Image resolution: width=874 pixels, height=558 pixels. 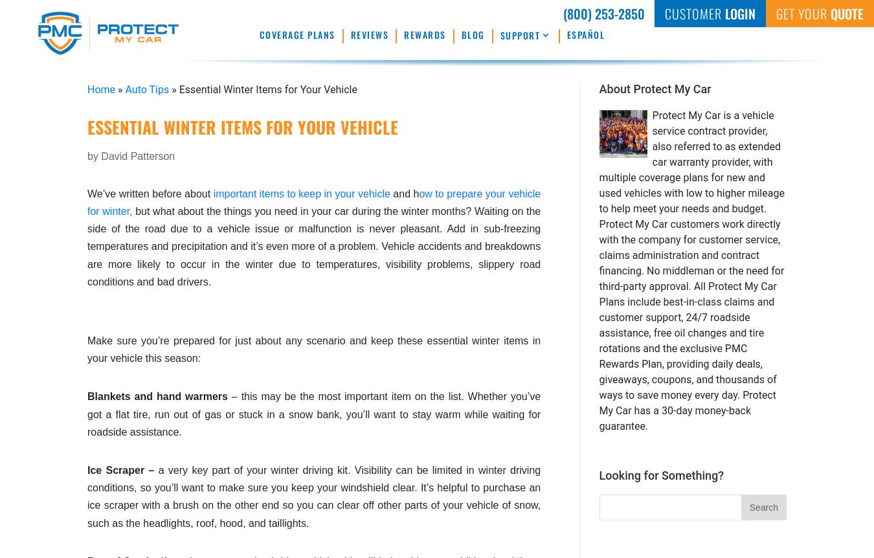 I want to click on 'by', so click(x=94, y=155).